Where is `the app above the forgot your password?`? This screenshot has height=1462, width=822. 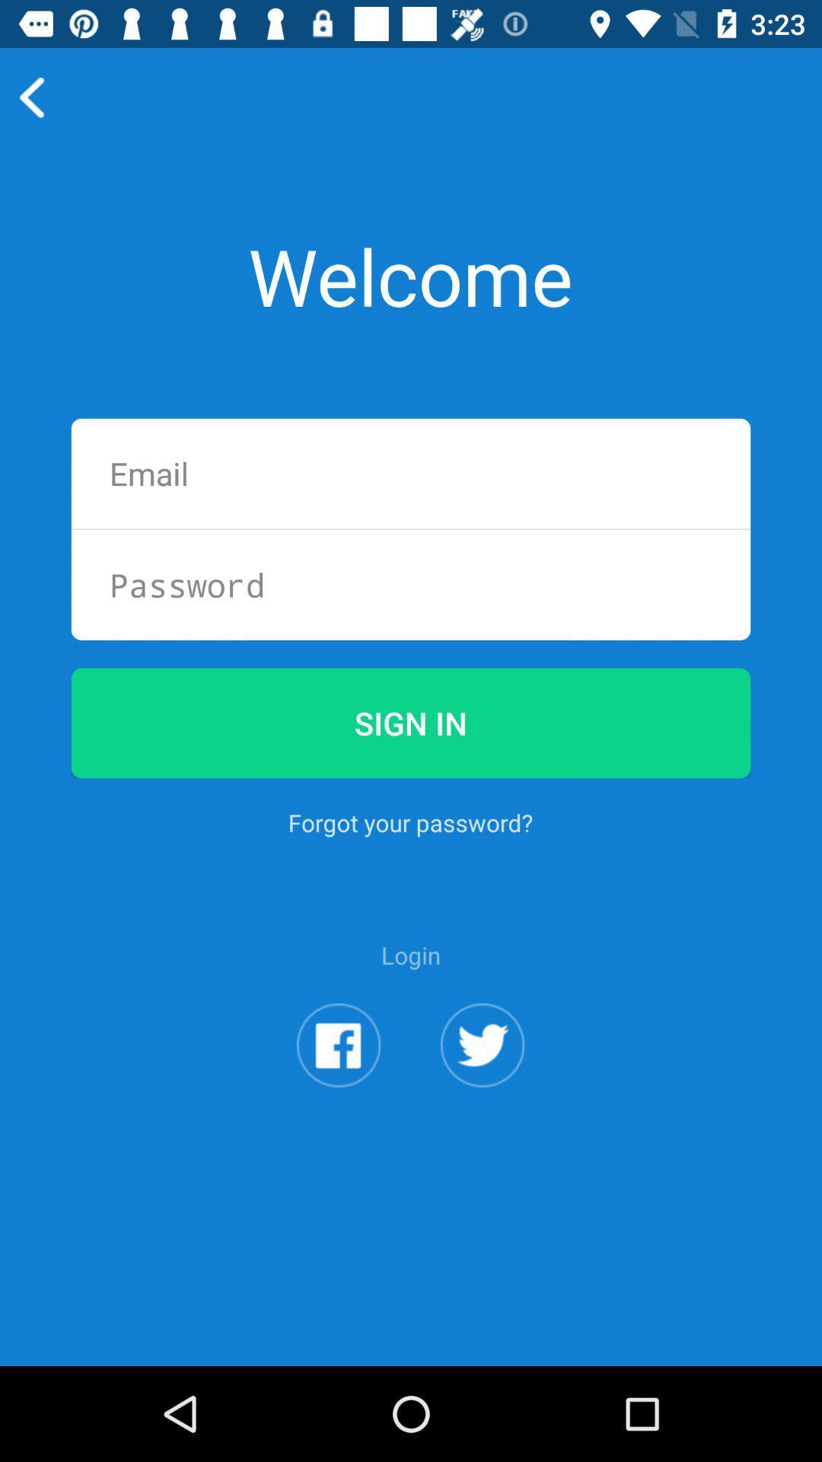 the app above the forgot your password? is located at coordinates (411, 722).